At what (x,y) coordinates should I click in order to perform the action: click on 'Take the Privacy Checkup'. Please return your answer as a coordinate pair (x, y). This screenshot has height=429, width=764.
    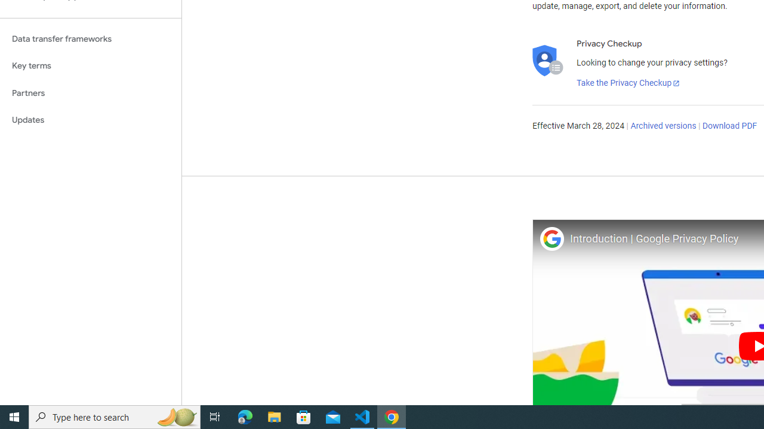
    Looking at the image, I should click on (628, 83).